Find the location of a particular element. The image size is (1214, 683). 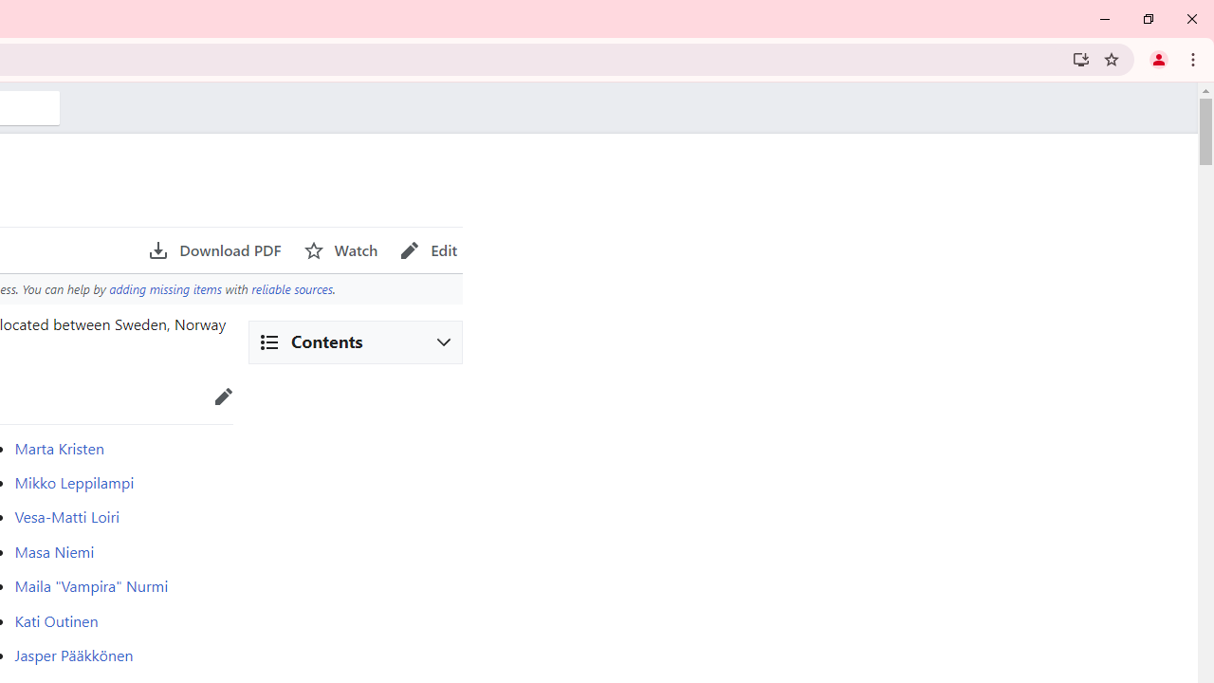

'Install Wikipedia' is located at coordinates (1080, 58).